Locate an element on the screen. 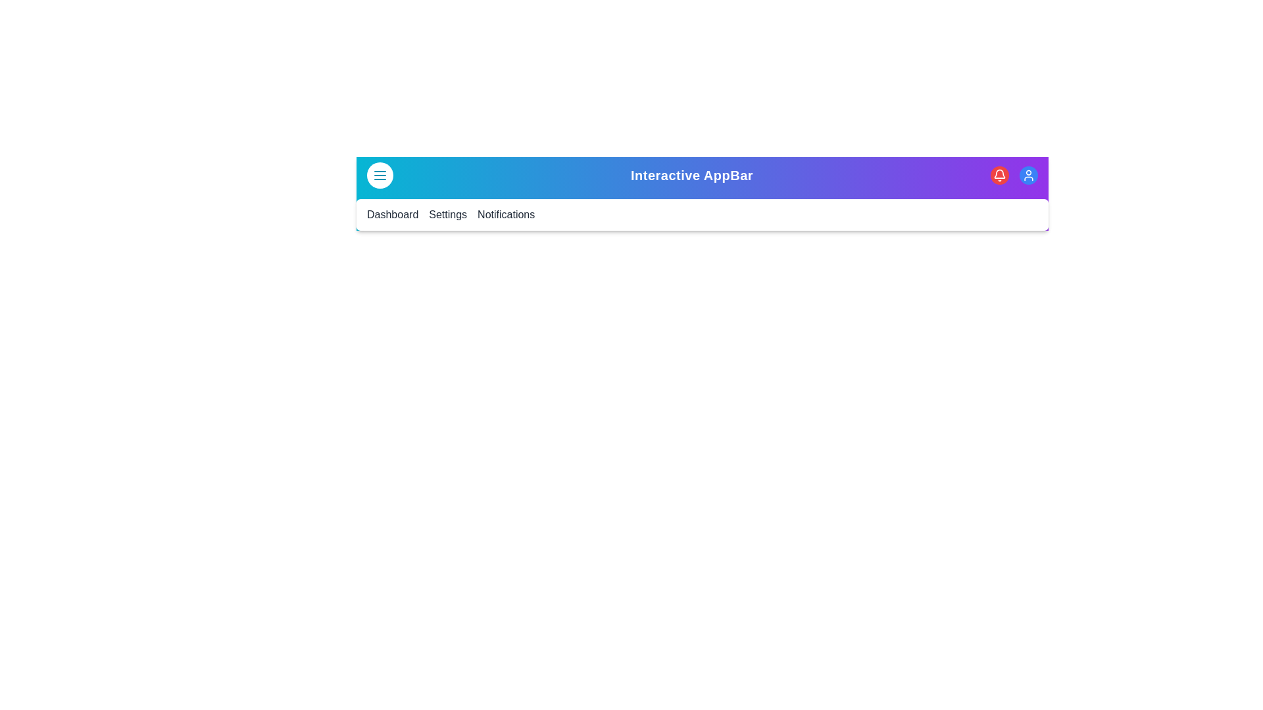  menu toggle button to toggle the menu visibility is located at coordinates (379, 174).